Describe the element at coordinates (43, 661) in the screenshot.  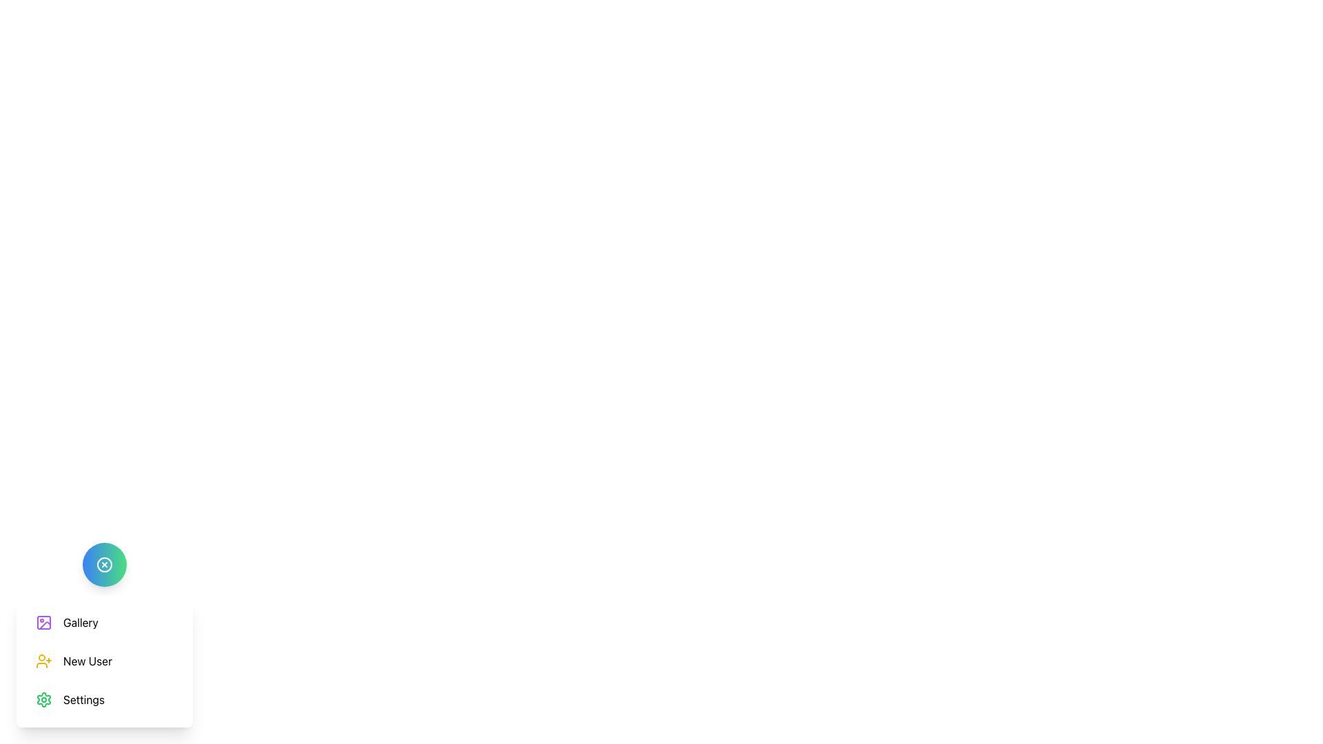
I see `the yellow outlined user icon with a plus sign, located next to the text 'New User', to initiate a new user-related action` at that location.